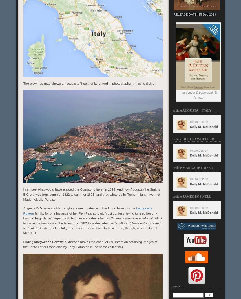 The width and height of the screenshot is (241, 299). I want to click on 'article MARGARET MEEN', so click(193, 167).